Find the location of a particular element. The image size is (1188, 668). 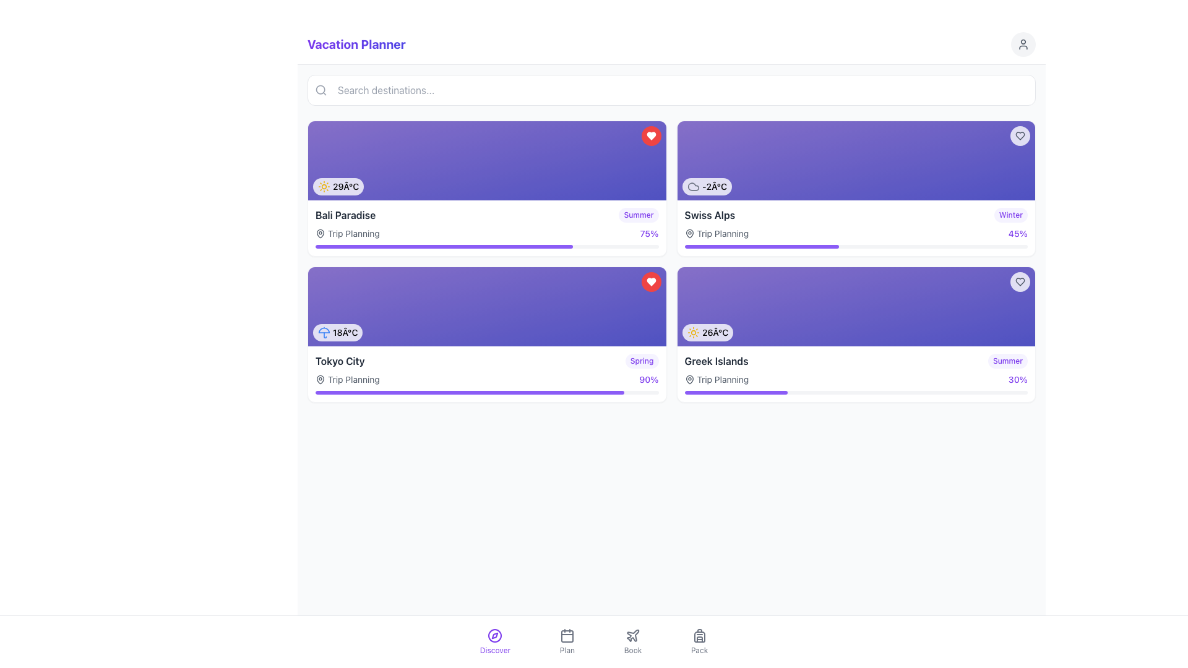

the Information card for the Swiss Alps, which displays weather details and is positioned in the top-right corner of the grid is located at coordinates (855, 188).